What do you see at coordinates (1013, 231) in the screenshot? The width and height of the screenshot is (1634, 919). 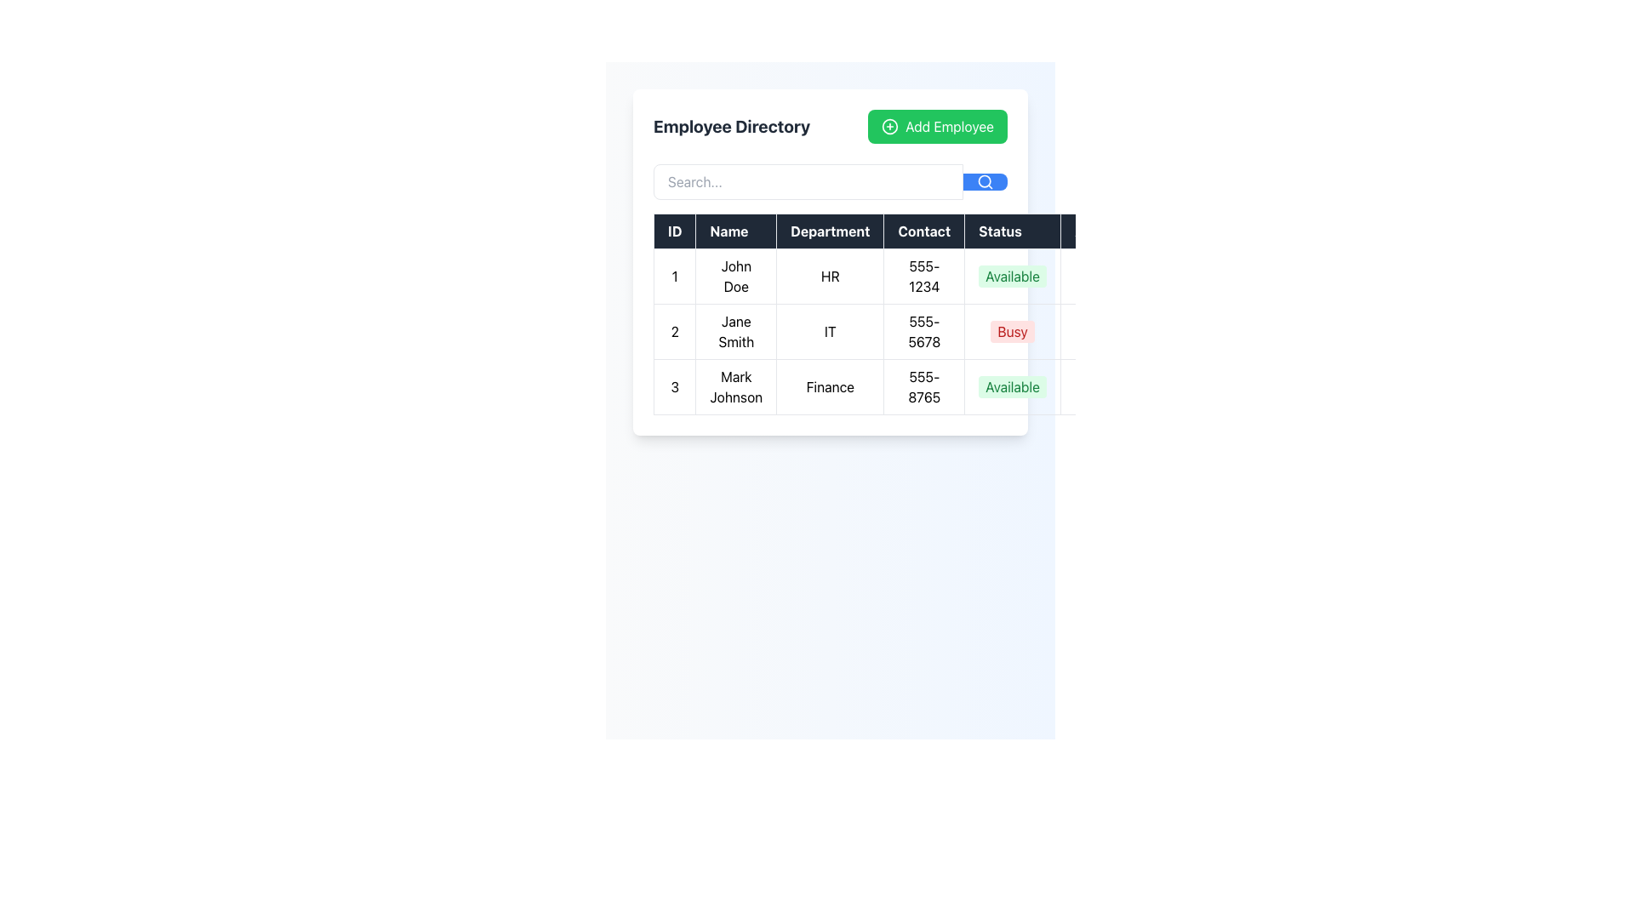 I see `the fifth column header in the Employee Directory table, which indicates the status column and is positioned between 'Contact' and 'Actions'` at bounding box center [1013, 231].